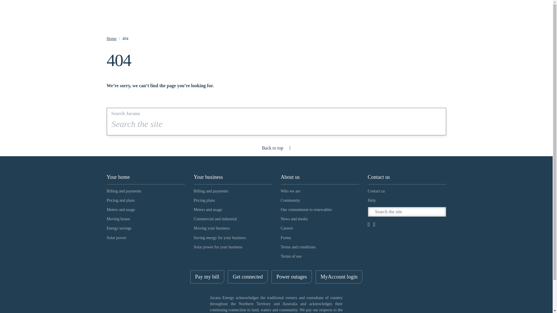  Describe the element at coordinates (292, 276) in the screenshot. I see `'Power outages'` at that location.